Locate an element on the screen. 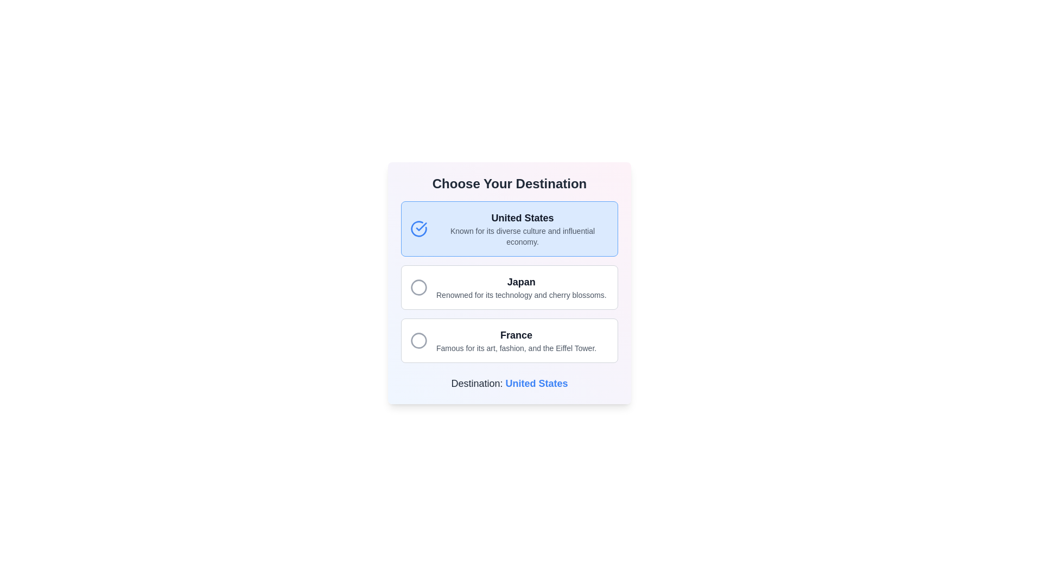 The height and width of the screenshot is (586, 1042). the static text providing additional descriptive information about the 'Japan' option in the list of destinations, which is located beneath the main label 'Japan' is located at coordinates (521, 295).